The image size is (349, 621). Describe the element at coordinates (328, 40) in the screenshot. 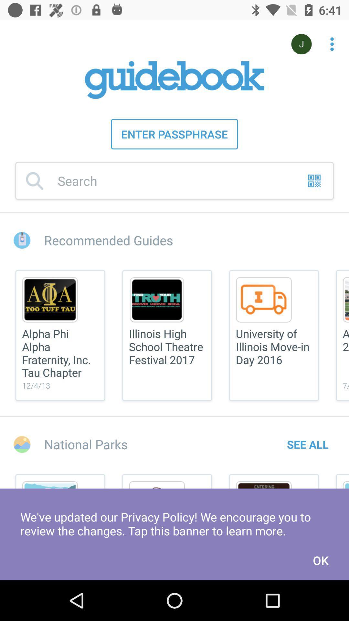

I see `the more icon` at that location.